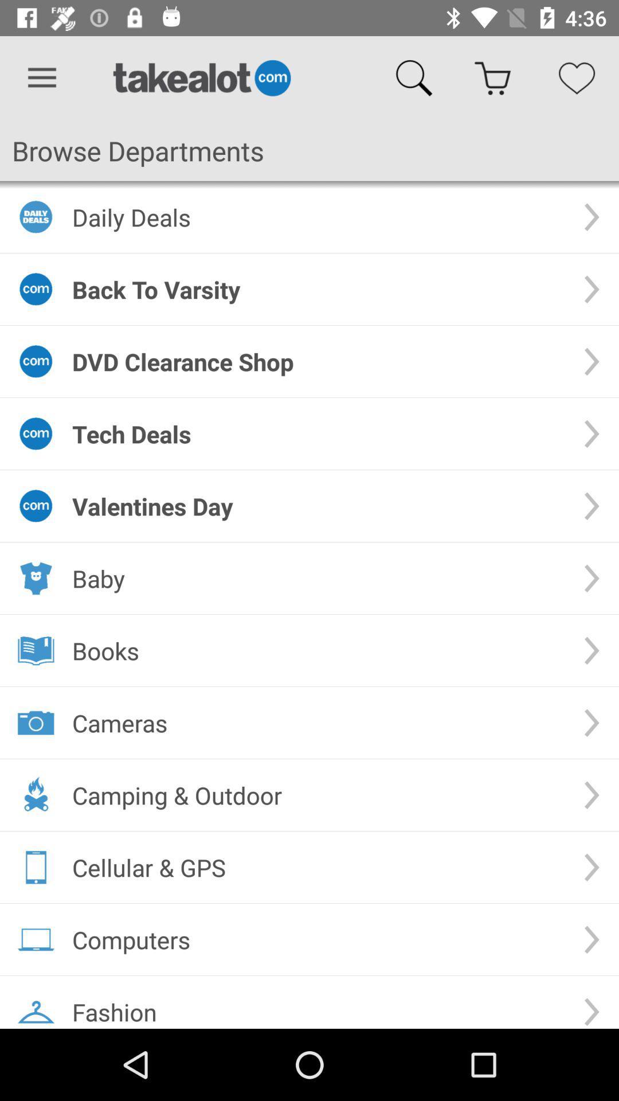 The image size is (619, 1101). What do you see at coordinates (318, 650) in the screenshot?
I see `icon above the cameras item` at bounding box center [318, 650].